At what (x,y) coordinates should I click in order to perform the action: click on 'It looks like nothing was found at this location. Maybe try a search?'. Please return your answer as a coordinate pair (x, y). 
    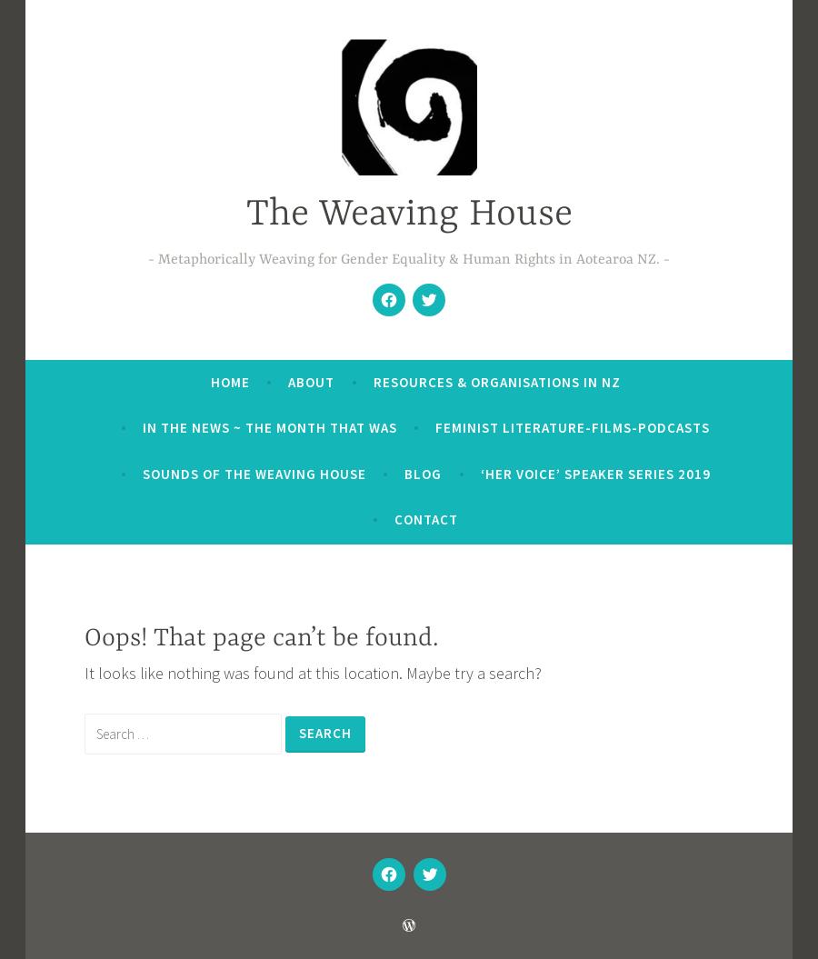
    Looking at the image, I should click on (312, 673).